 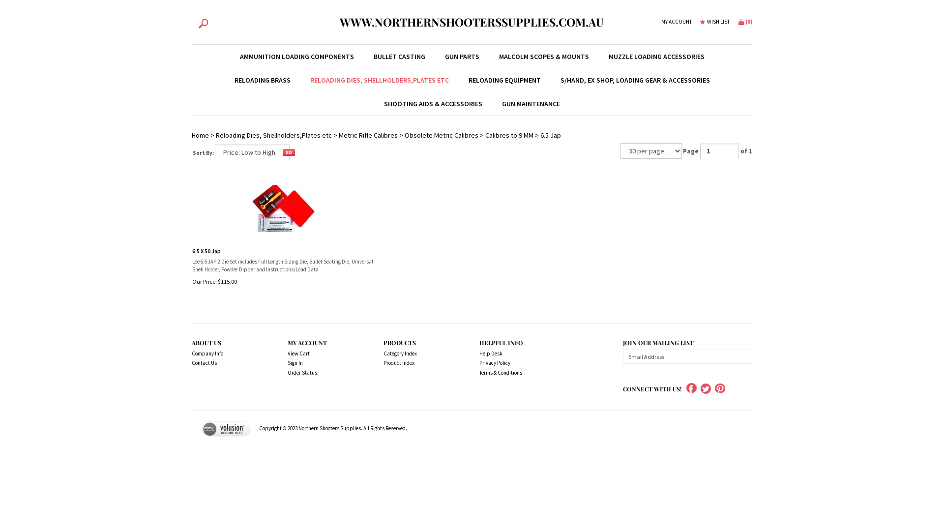 I want to click on 'WWW.NORTHERNSHOOTERSSUPPLIES.COM.AU', so click(x=471, y=22).